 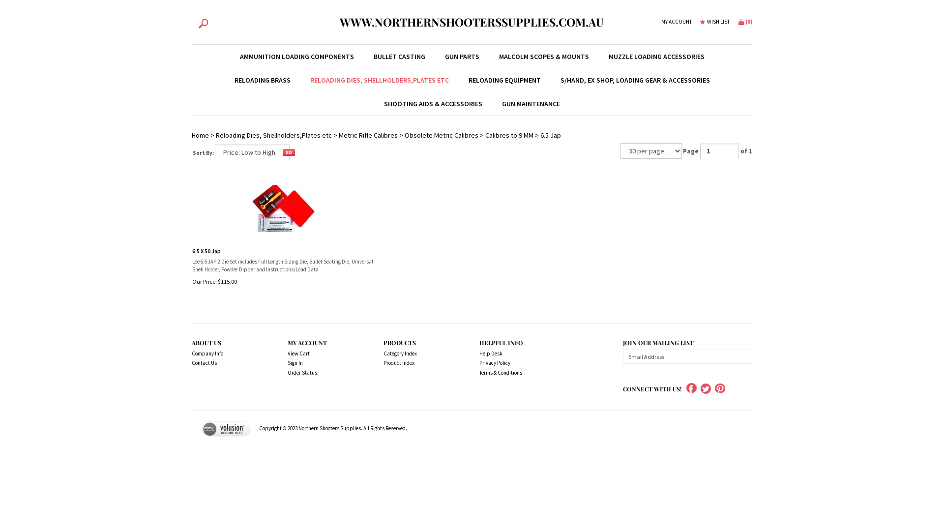 I want to click on 'WWW.NORTHERNSHOOTERSSUPPLIES.COM.AU', so click(x=471, y=22).